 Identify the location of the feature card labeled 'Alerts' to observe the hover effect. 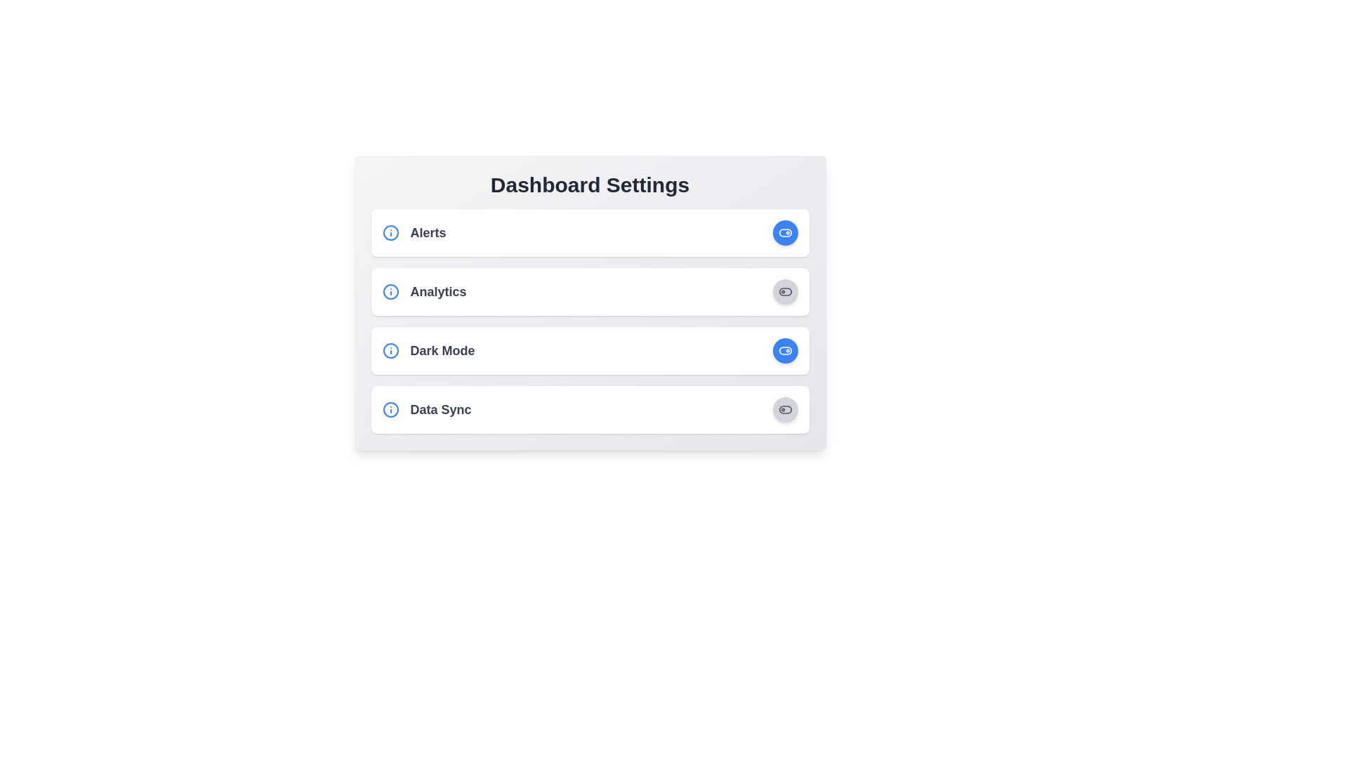
(590, 232).